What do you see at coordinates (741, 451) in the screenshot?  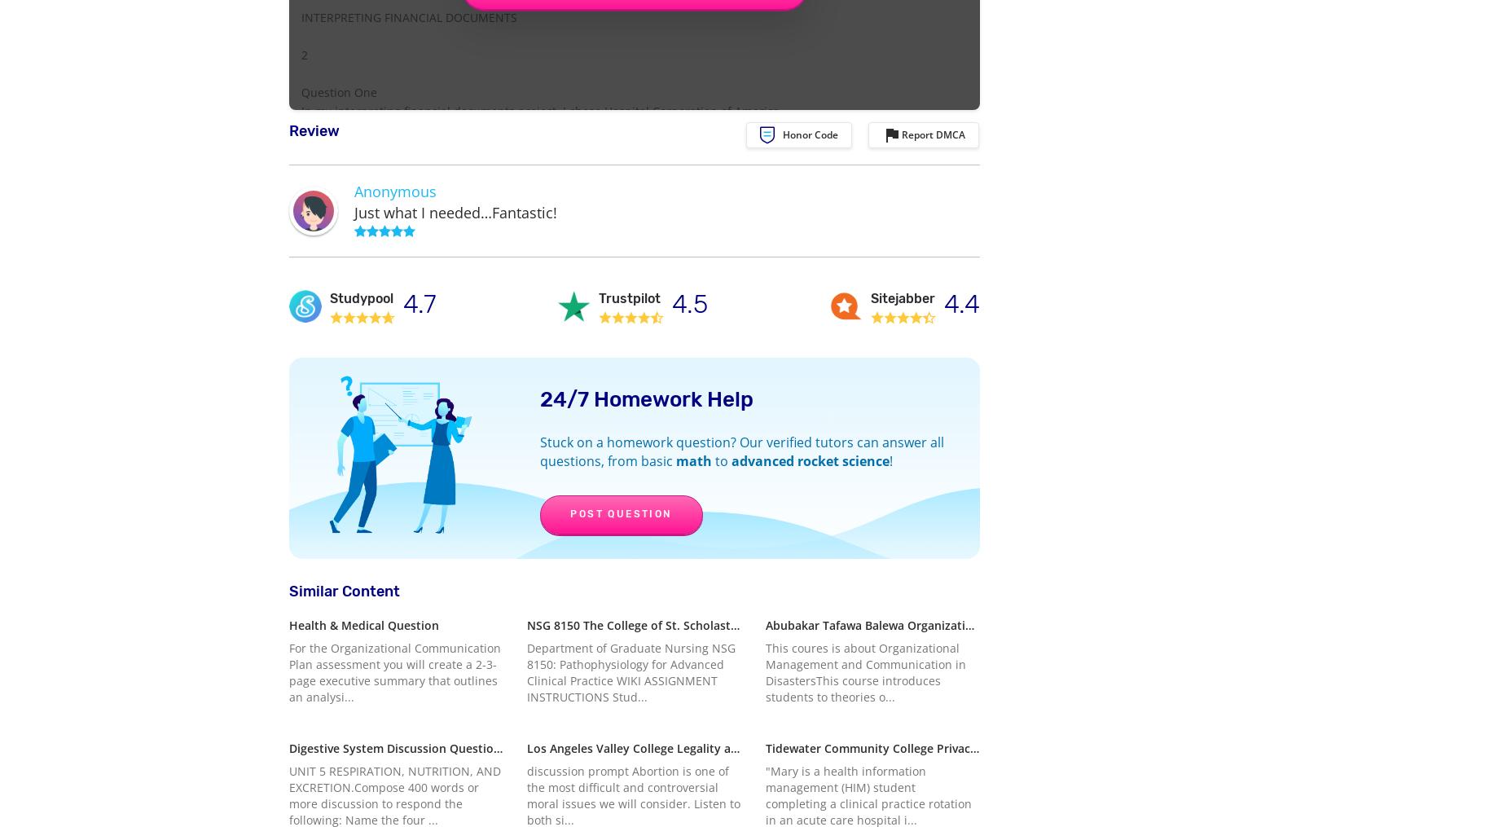 I see `'Stuck on a homework question? Our verified tutors can answer all questions, from basic'` at bounding box center [741, 451].